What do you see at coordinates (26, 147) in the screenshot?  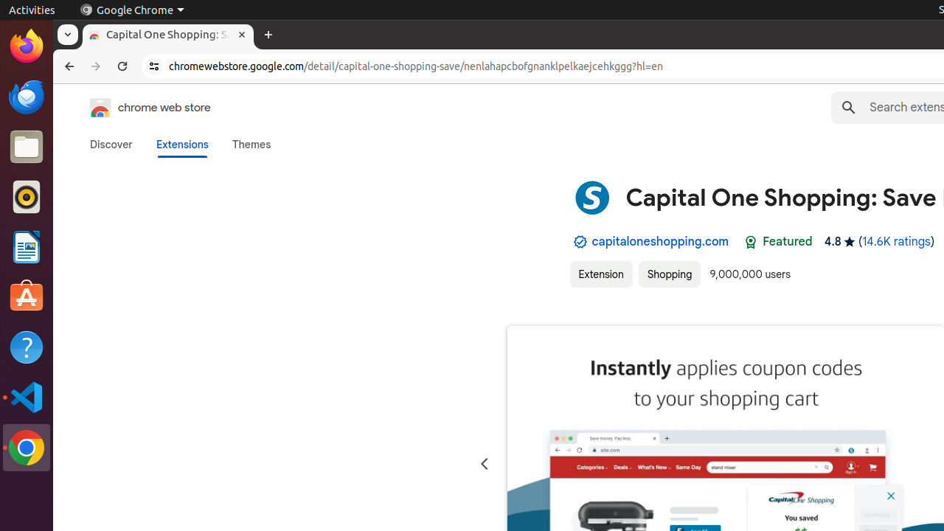 I see `'Files'` at bounding box center [26, 147].